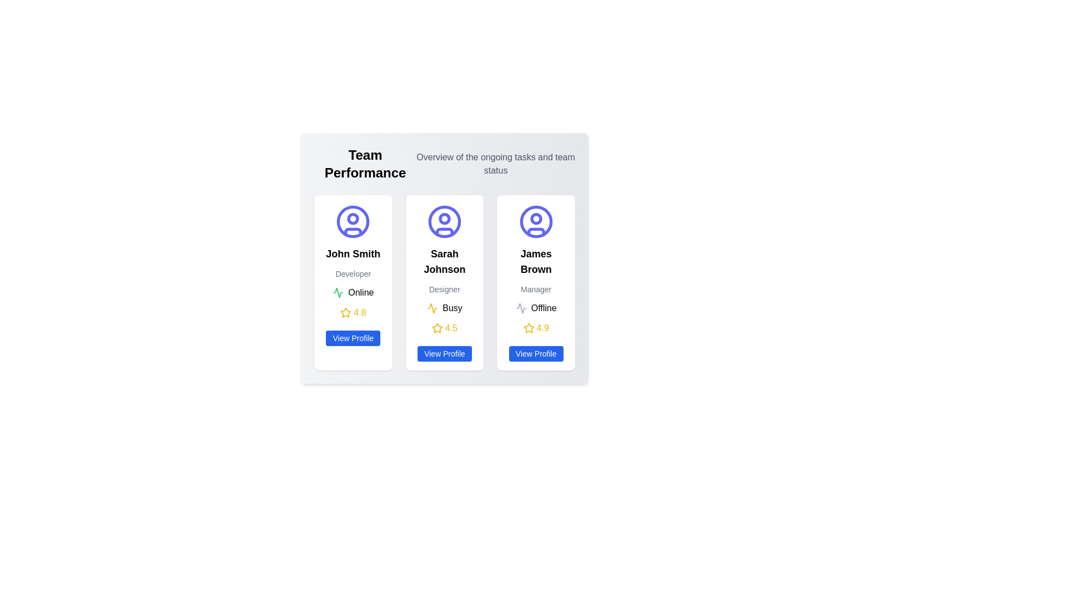  Describe the element at coordinates (353, 292) in the screenshot. I see `status text 'Online' from the Status label with a green waveform icon located beneath the 'Developer' title in the first card of the three-card layout` at that location.